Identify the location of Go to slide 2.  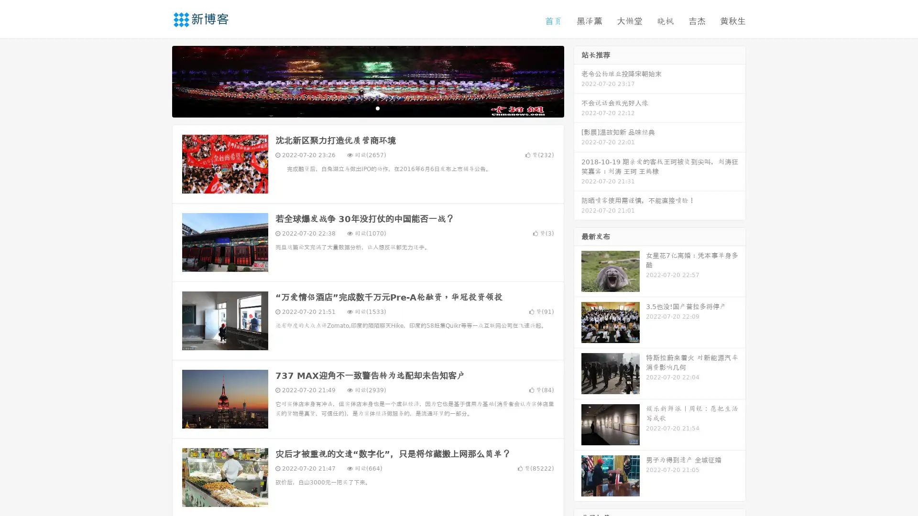
(367, 107).